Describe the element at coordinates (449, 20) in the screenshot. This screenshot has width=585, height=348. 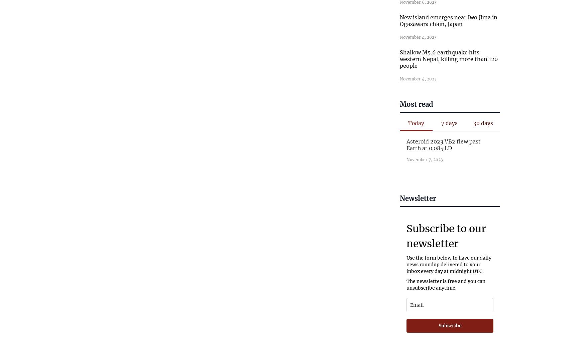
I see `'New island emerges near Iwo Jima in Ogasawara chain, Japan'` at that location.